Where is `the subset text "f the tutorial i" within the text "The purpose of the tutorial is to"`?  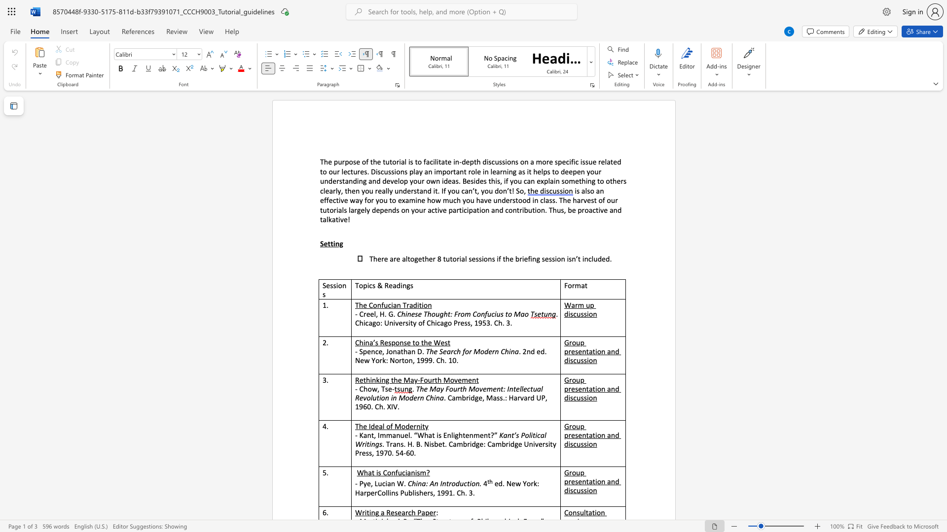 the subset text "f the tutorial i" within the text "The purpose of the tutorial is to" is located at coordinates (365, 161).